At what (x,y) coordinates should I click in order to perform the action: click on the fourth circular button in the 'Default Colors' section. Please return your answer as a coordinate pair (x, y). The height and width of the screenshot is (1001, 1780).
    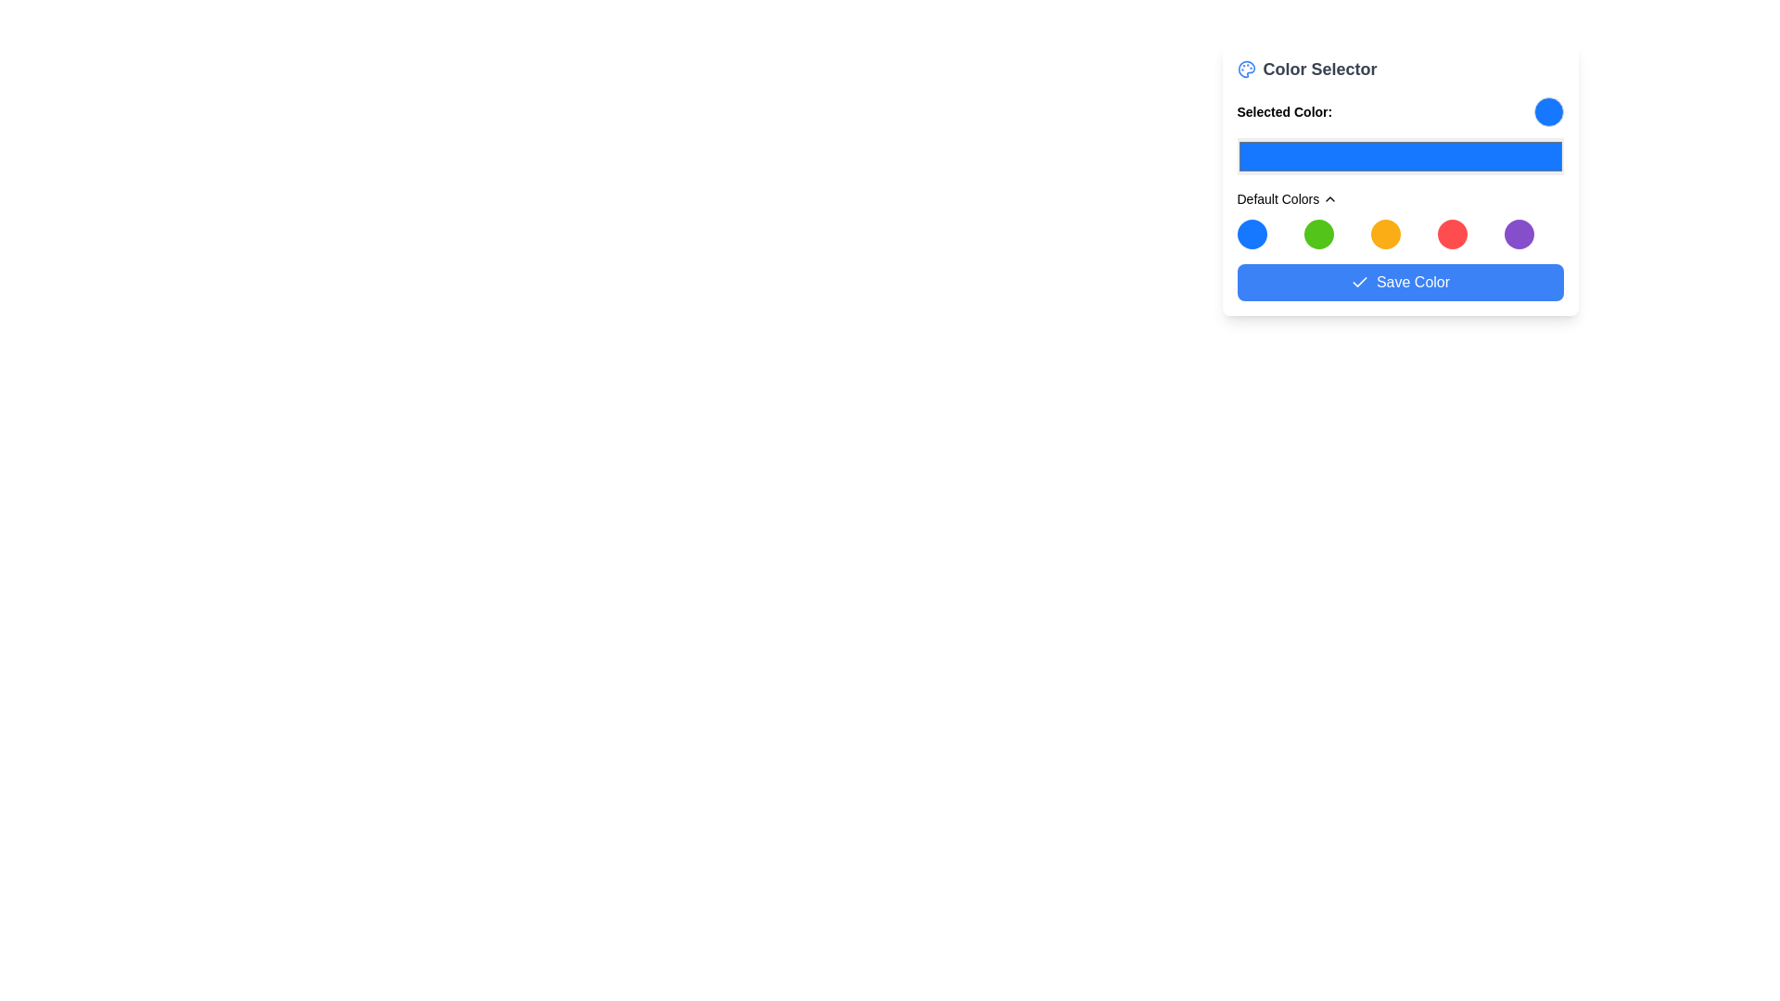
    Looking at the image, I should click on (1451, 234).